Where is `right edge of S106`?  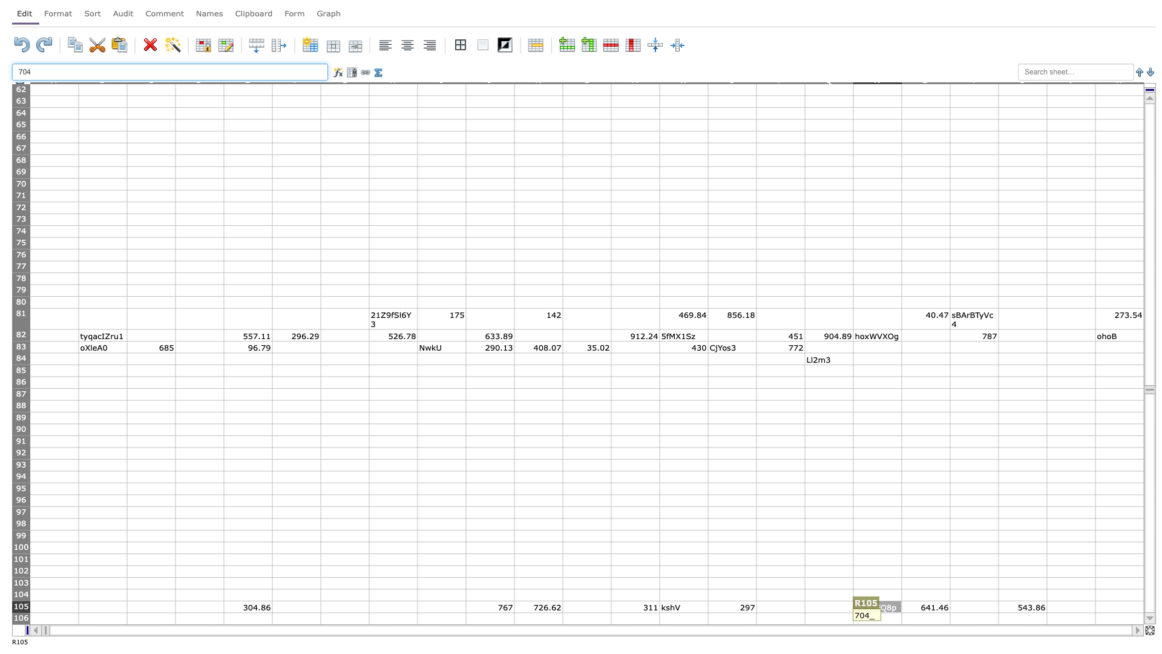 right edge of S106 is located at coordinates (949, 618).